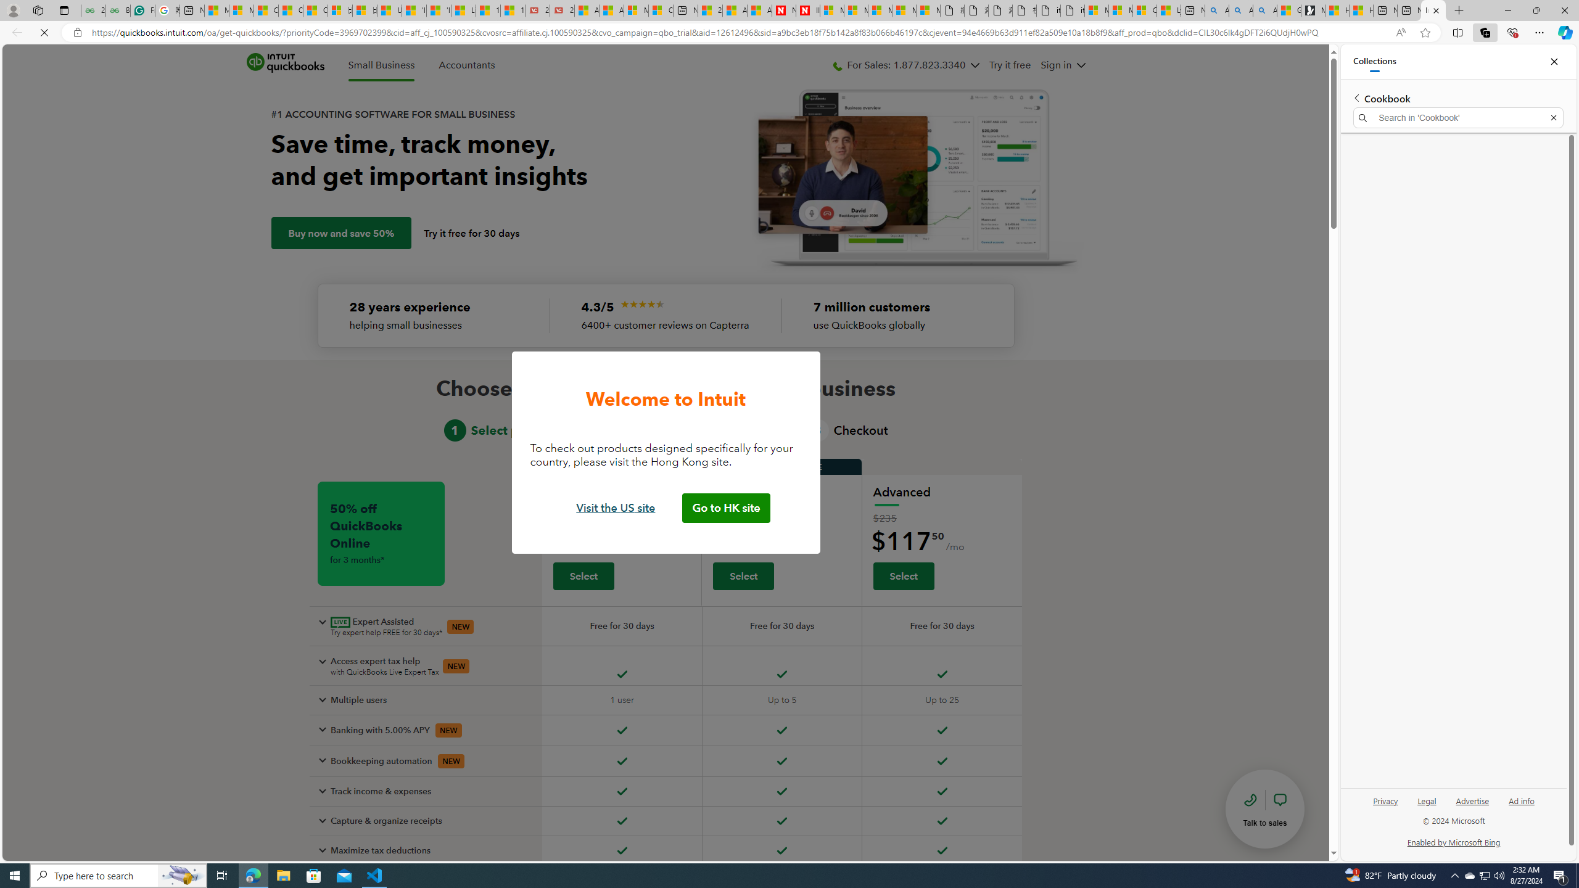 This screenshot has height=888, width=1579. What do you see at coordinates (905, 65) in the screenshot?
I see `'For Sales: 1.877.823.3340'` at bounding box center [905, 65].